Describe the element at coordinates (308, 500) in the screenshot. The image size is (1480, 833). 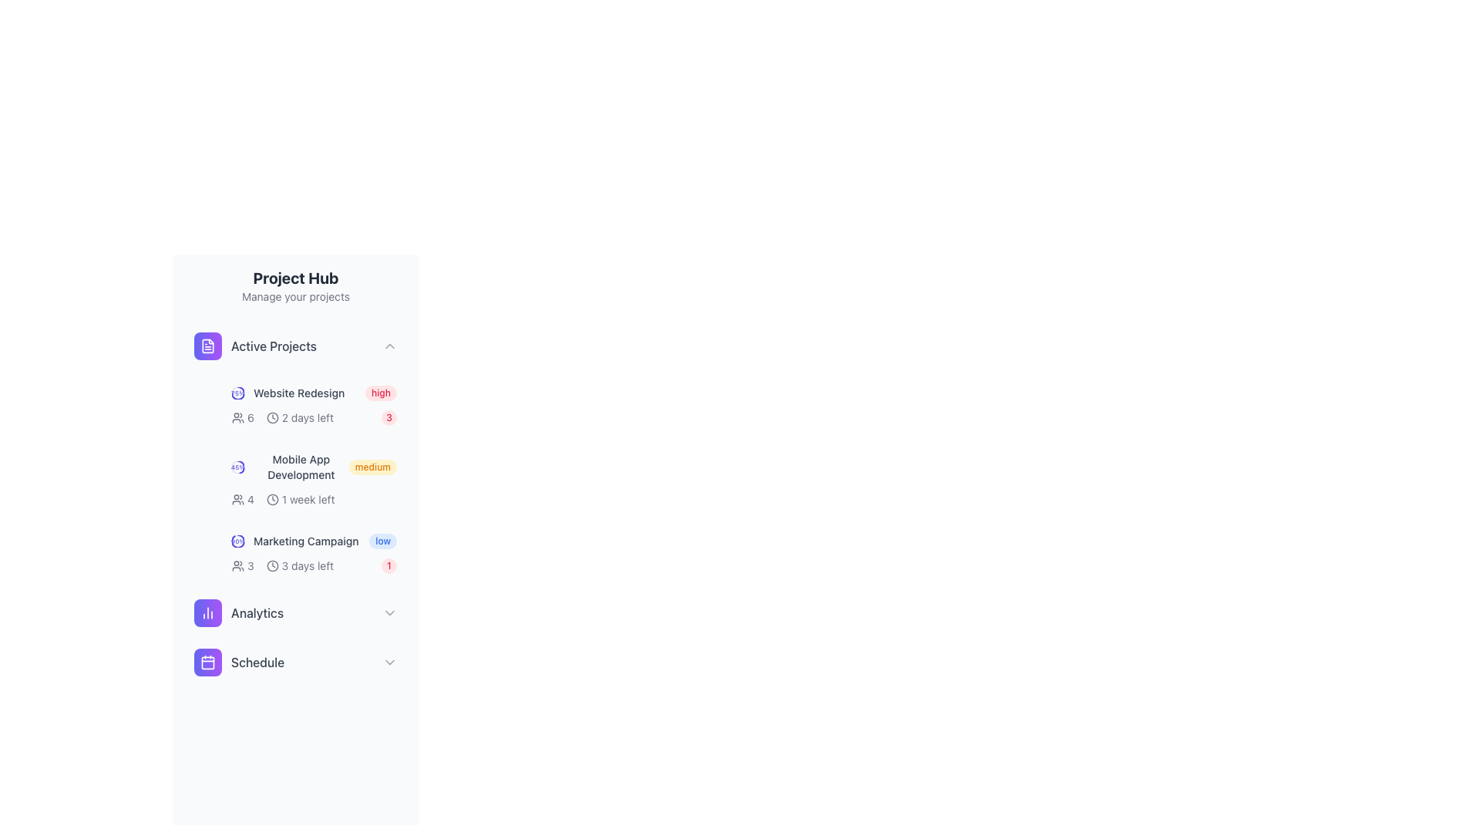
I see `the text label displaying the remaining time for the 'Mobile App Development' project in the 'Active Projects' list` at that location.